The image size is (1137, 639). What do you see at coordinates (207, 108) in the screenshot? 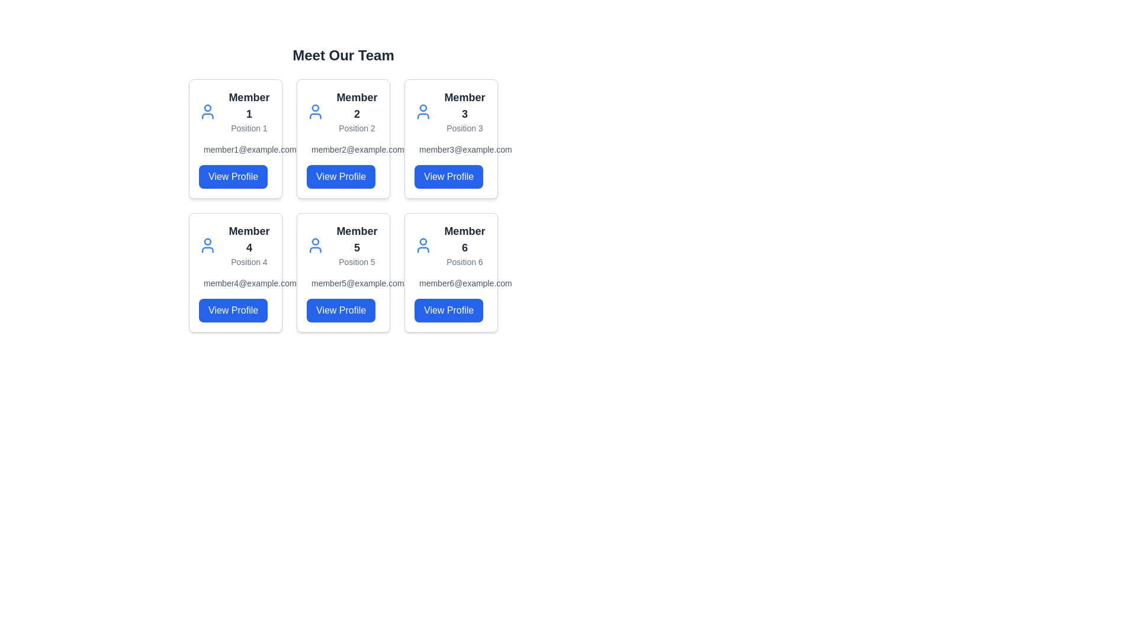
I see `the circular part of the user icon located in the top-left corner of the grid of six cards, above the text 'Member 1'` at bounding box center [207, 108].